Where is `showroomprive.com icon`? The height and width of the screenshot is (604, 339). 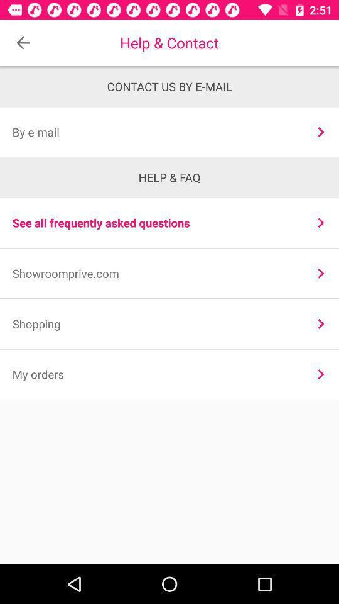
showroomprive.com icon is located at coordinates (155, 273).